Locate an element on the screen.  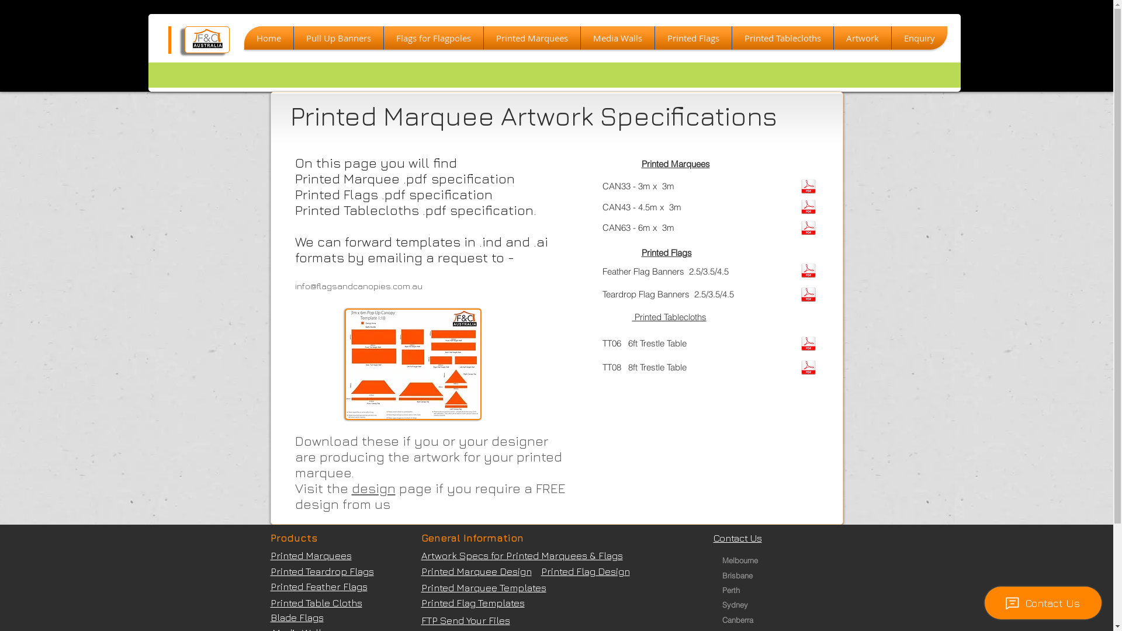
'Artwork Specs for Printed Marquees & Flags' is located at coordinates (521, 555).